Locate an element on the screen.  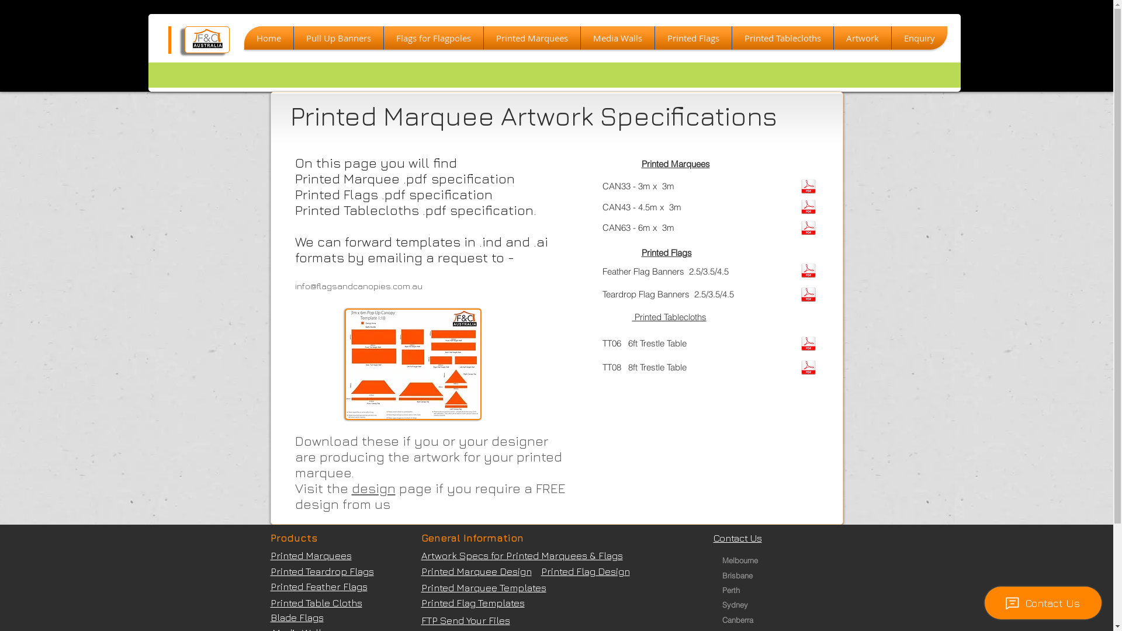
'Artwork Specs for Printed Marquees & Flags' is located at coordinates (521, 555).